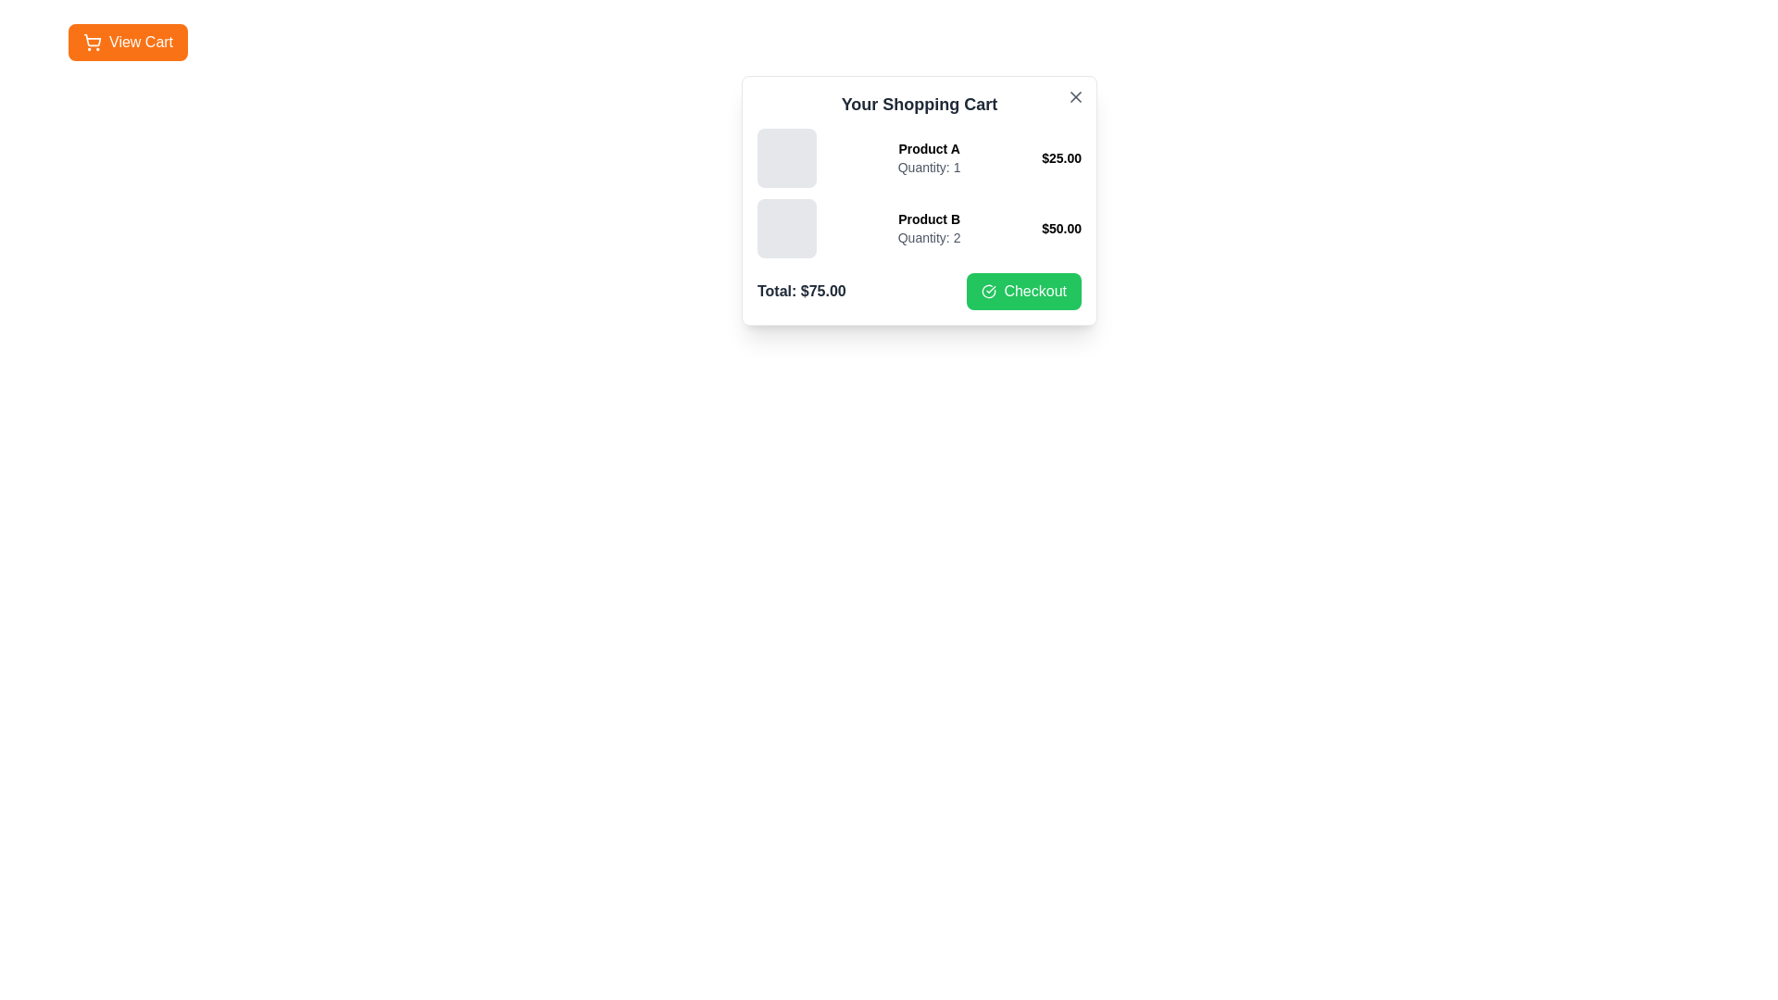 Image resolution: width=1778 pixels, height=1000 pixels. Describe the element at coordinates (929, 156) in the screenshot. I see `the Text Block displaying the product name and quantity in the shopping cart for 'Product A', located centrally between the product image and price label '$25.00'` at that location.